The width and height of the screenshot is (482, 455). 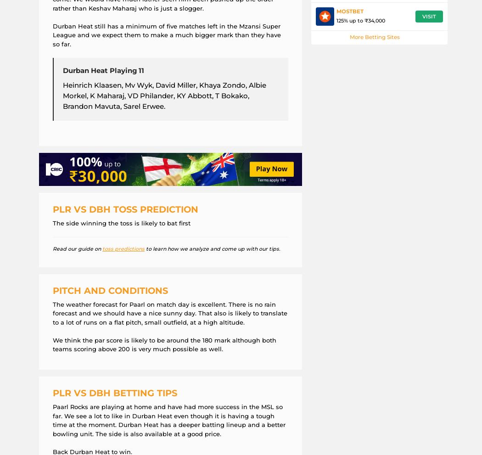 I want to click on 'Pitch and Conditions', so click(x=110, y=289).